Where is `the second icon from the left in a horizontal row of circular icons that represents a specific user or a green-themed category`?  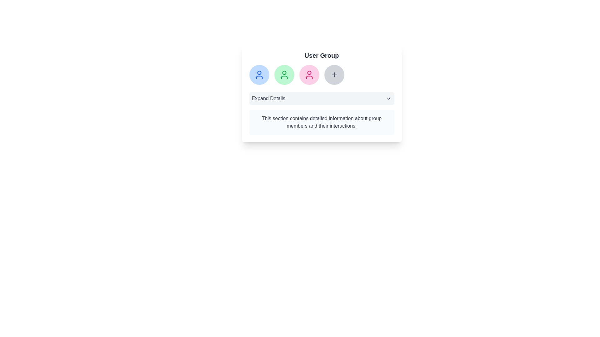
the second icon from the left in a horizontal row of circular icons that represents a specific user or a green-themed category is located at coordinates (284, 74).